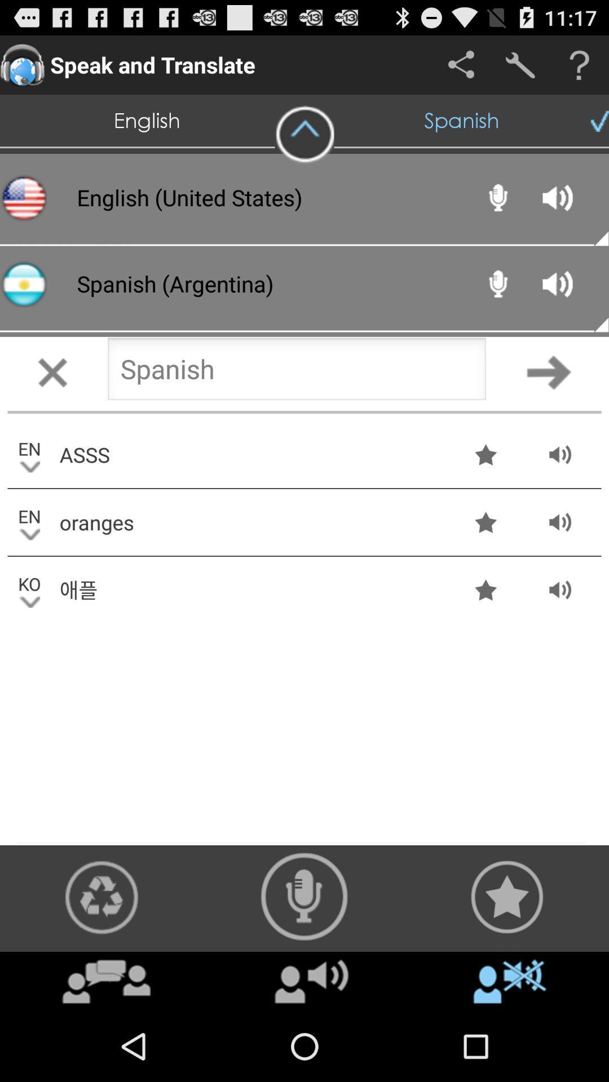 The height and width of the screenshot is (1082, 609). What do you see at coordinates (52, 372) in the screenshot?
I see `cancel button` at bounding box center [52, 372].